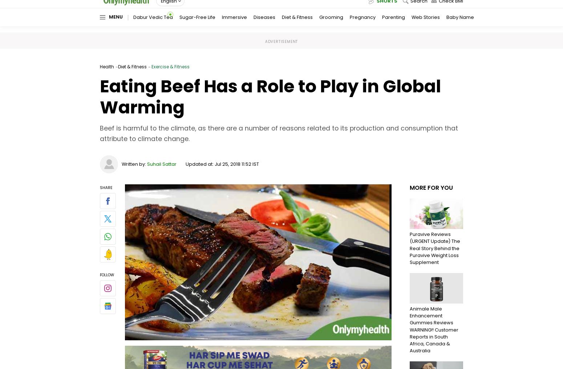 This screenshot has height=369, width=563. I want to click on 'Beef is harmful to the climate, as there are a number of reasons related to its production and consumption that attribute to climate change.', so click(279, 133).